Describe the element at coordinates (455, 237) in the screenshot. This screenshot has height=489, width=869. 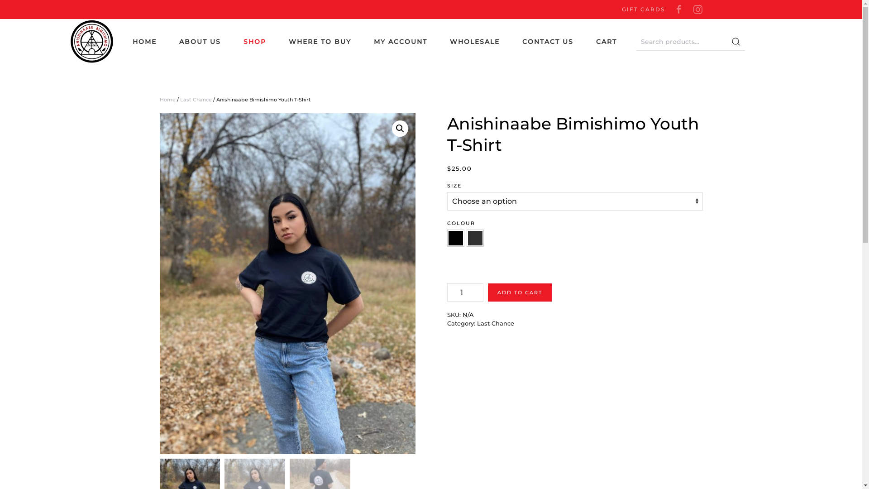
I see `'Black'` at that location.